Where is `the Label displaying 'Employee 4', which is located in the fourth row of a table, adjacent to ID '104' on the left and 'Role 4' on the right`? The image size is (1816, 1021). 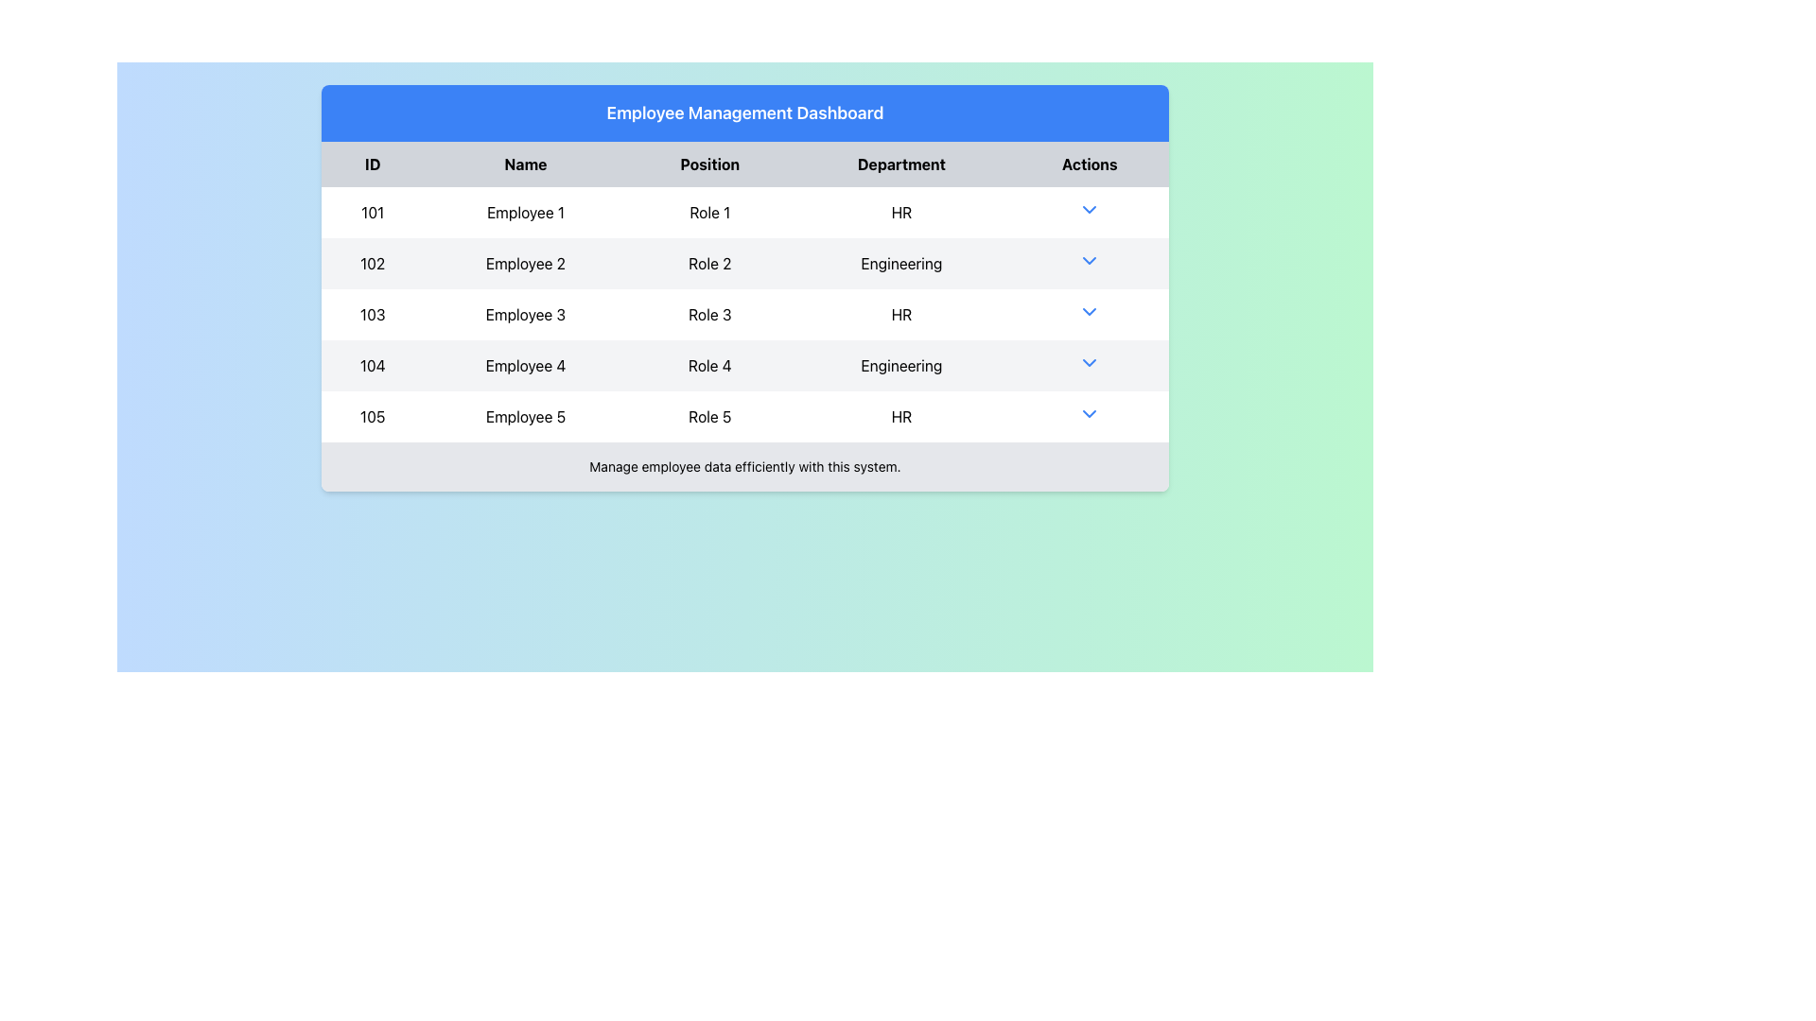
the Label displaying 'Employee 4', which is located in the fourth row of a table, adjacent to ID '104' on the left and 'Role 4' on the right is located at coordinates (526, 365).